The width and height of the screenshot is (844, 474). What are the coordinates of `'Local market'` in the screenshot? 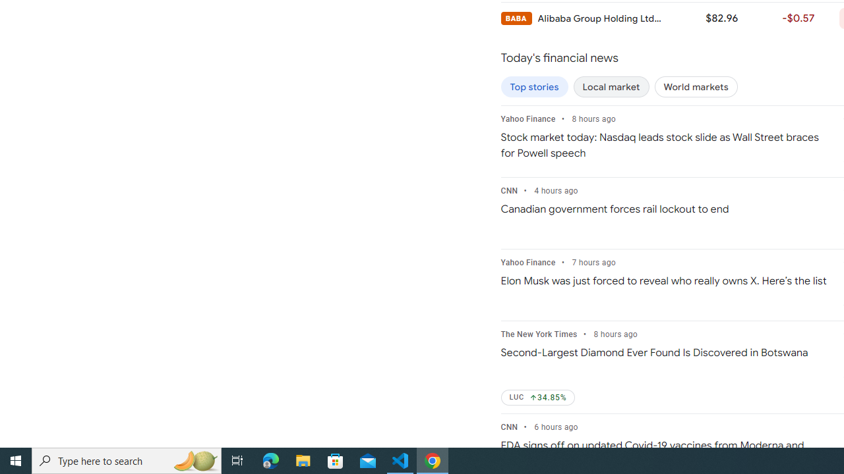 It's located at (611, 87).